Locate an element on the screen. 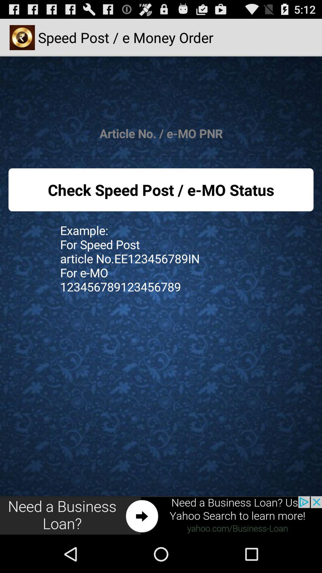  advertisement option is located at coordinates (161, 515).